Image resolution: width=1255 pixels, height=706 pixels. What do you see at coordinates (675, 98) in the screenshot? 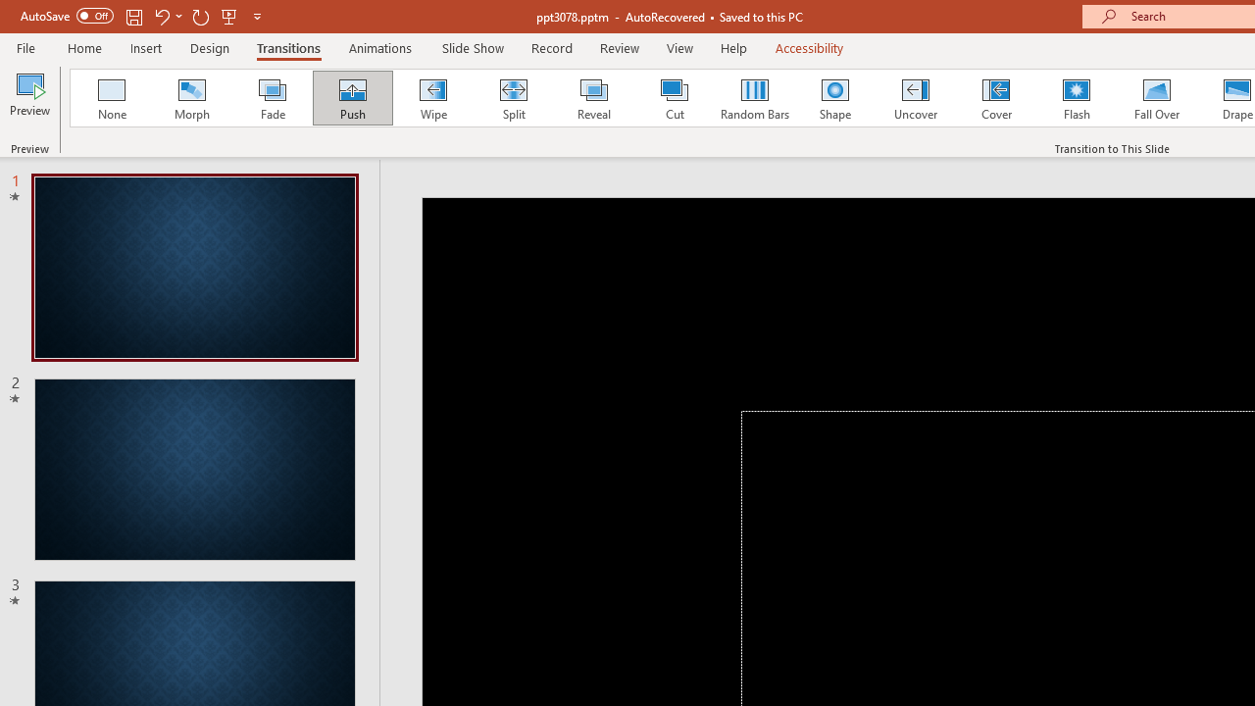
I see `'Cut'` at bounding box center [675, 98].